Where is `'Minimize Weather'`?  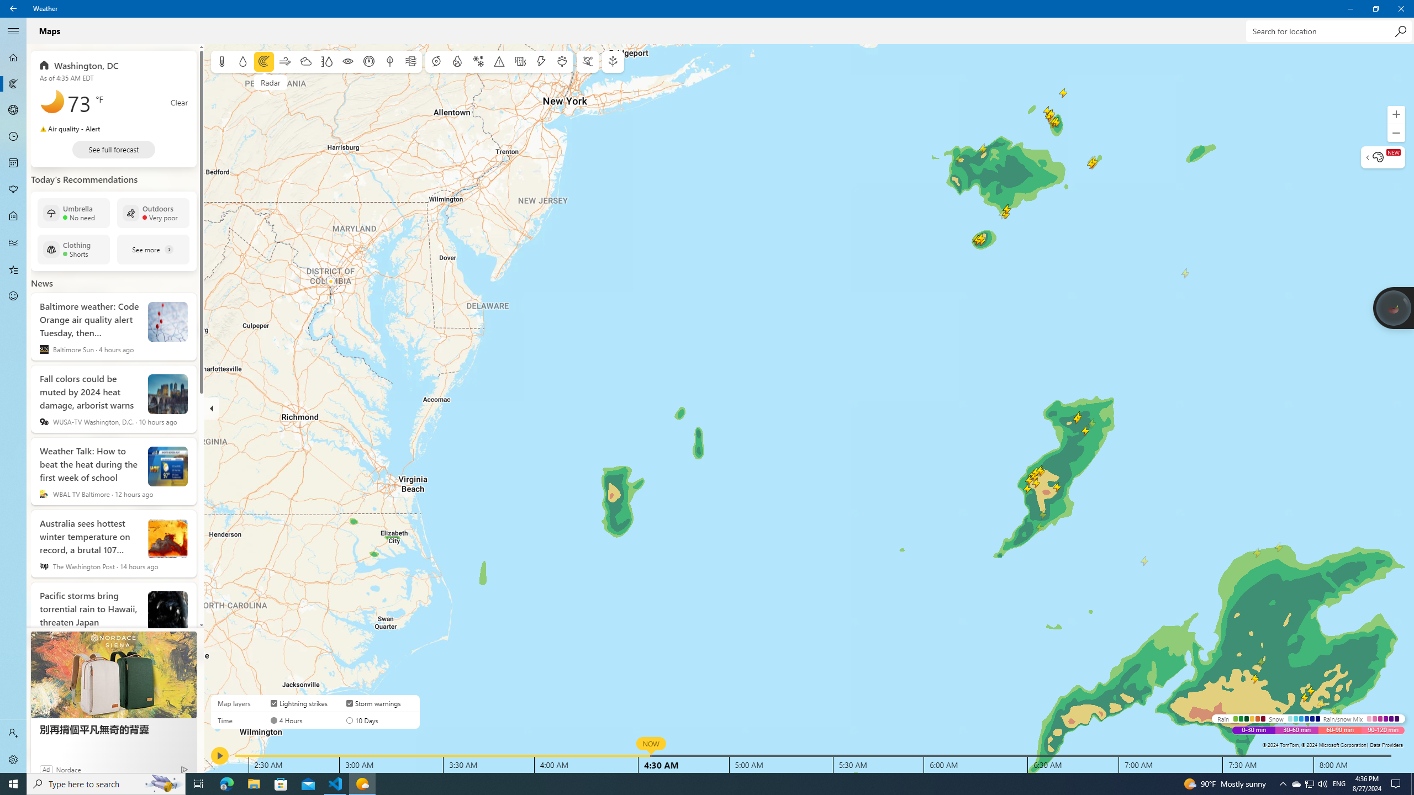 'Minimize Weather' is located at coordinates (1349, 8).